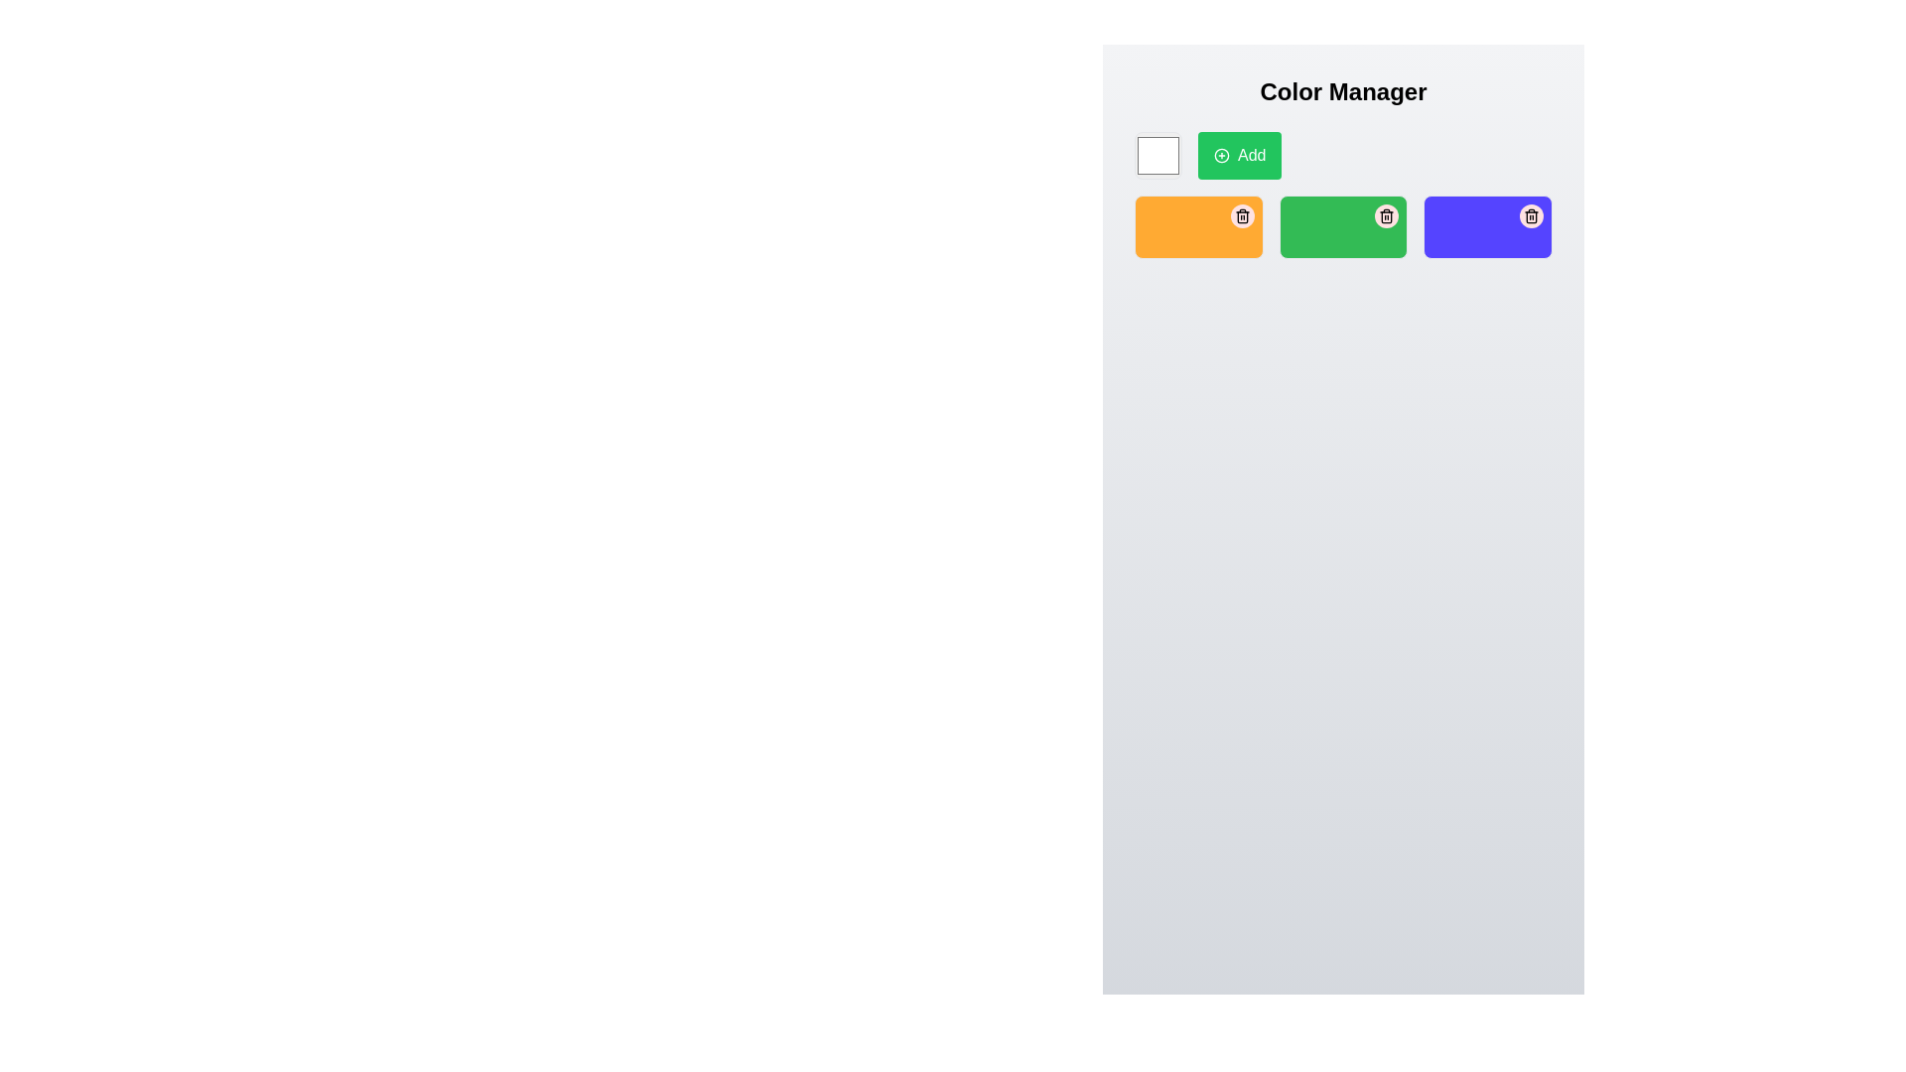 This screenshot has height=1072, width=1906. What do you see at coordinates (1239, 155) in the screenshot?
I see `the green 'Add' button with a white circular plus icon` at bounding box center [1239, 155].